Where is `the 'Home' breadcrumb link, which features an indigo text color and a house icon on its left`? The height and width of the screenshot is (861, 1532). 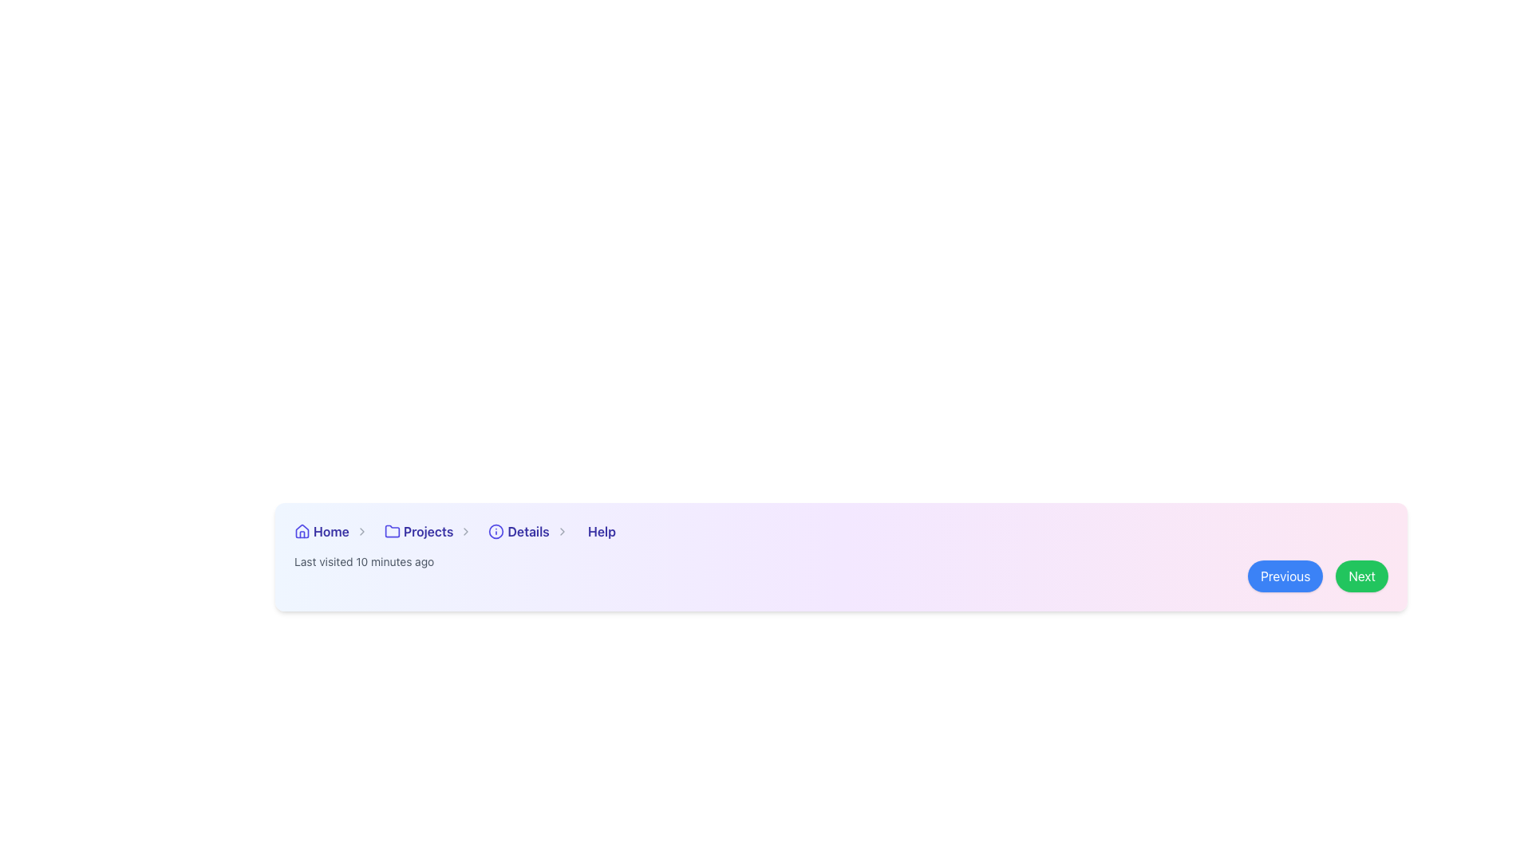
the 'Home' breadcrumb link, which features an indigo text color and a house icon on its left is located at coordinates (334, 532).